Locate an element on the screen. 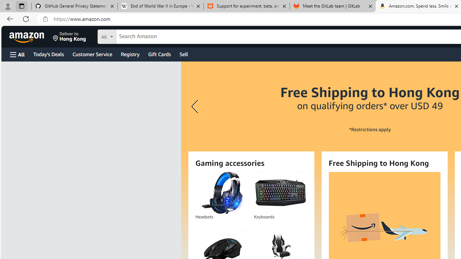 The image size is (461, 259). 'Meet the GitLab team | GitLab' is located at coordinates (332, 6).